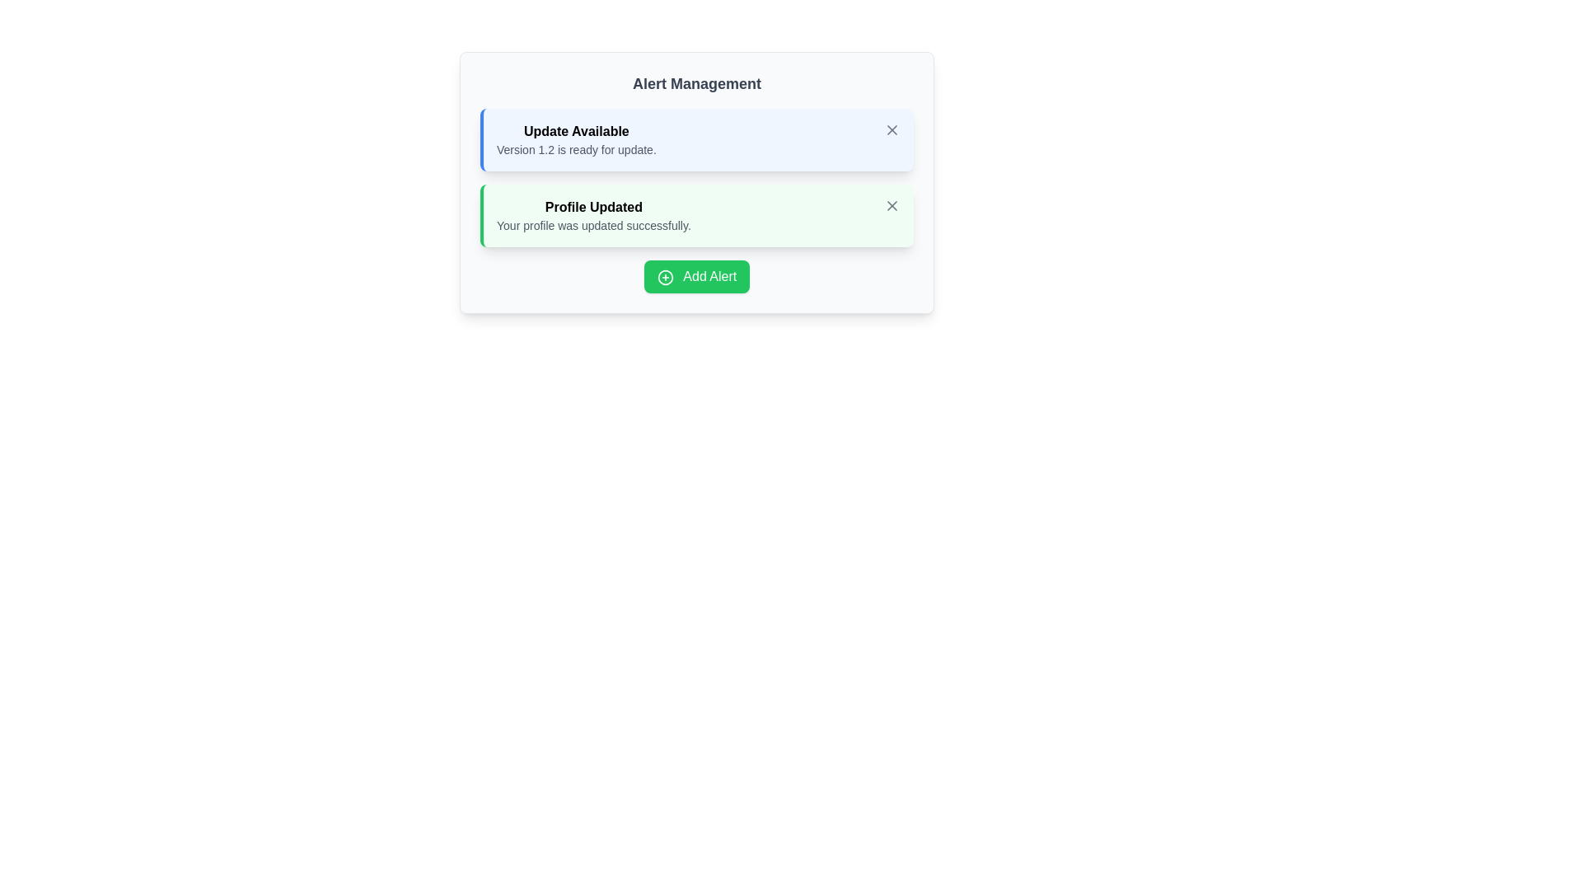 The width and height of the screenshot is (1582, 890). Describe the element at coordinates (576, 138) in the screenshot. I see `information from the notification text block detailing the availability of update version 1.2, located in the 'Update Available' section of the notification overlay` at that location.